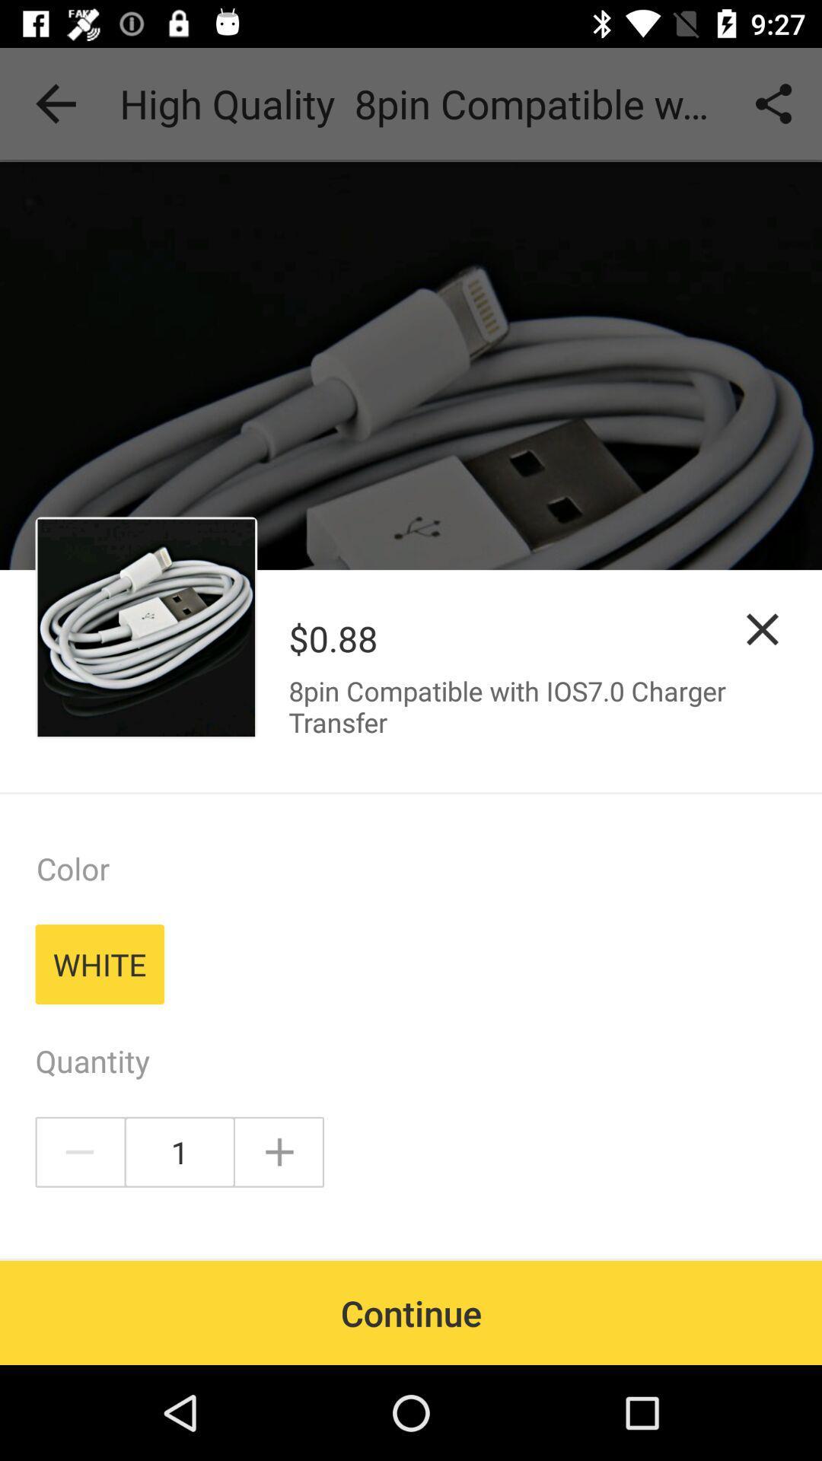 The image size is (822, 1461). What do you see at coordinates (763, 629) in the screenshot?
I see `exit from this item` at bounding box center [763, 629].